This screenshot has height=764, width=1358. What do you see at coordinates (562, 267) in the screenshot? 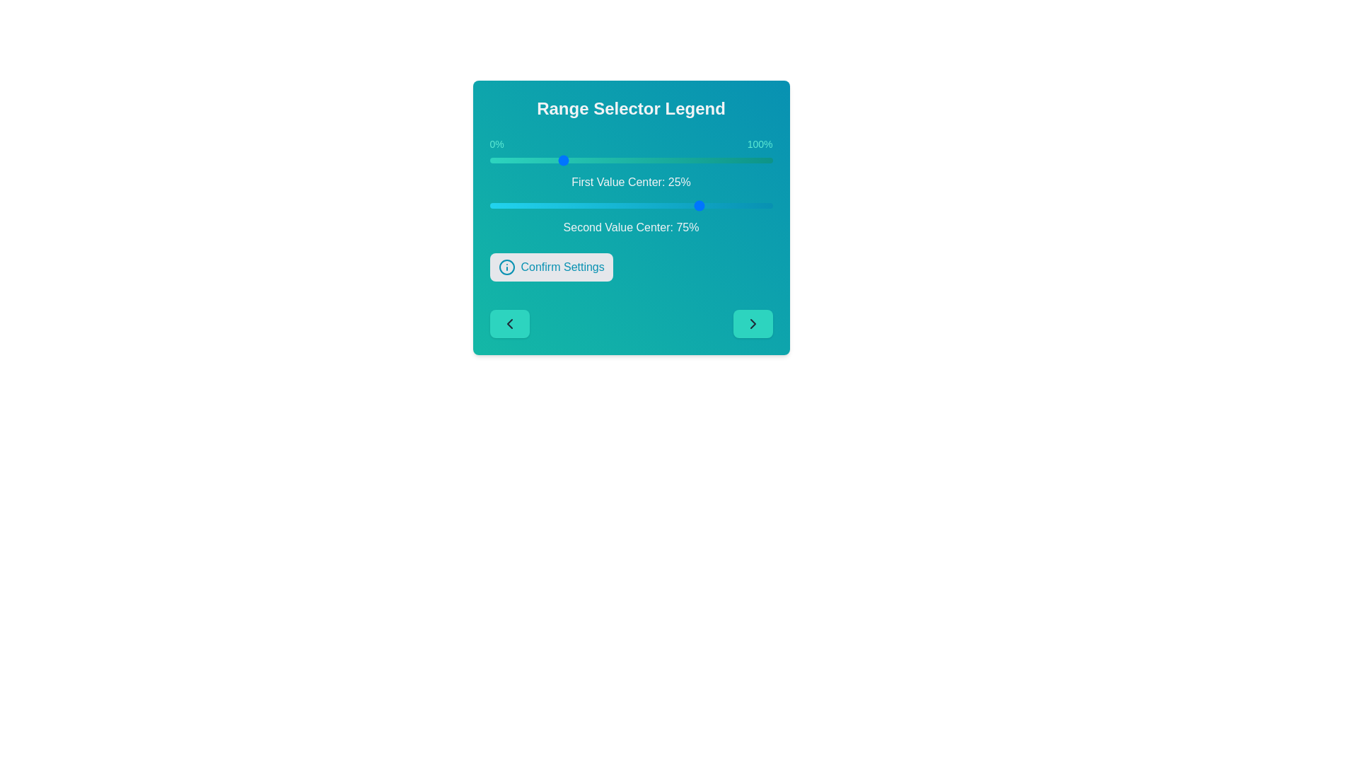
I see `the text label inside the button that indicates its functionality to confirm certain settings, located in the lower section of a card-like panel, centered horizontally below two sliders` at bounding box center [562, 267].